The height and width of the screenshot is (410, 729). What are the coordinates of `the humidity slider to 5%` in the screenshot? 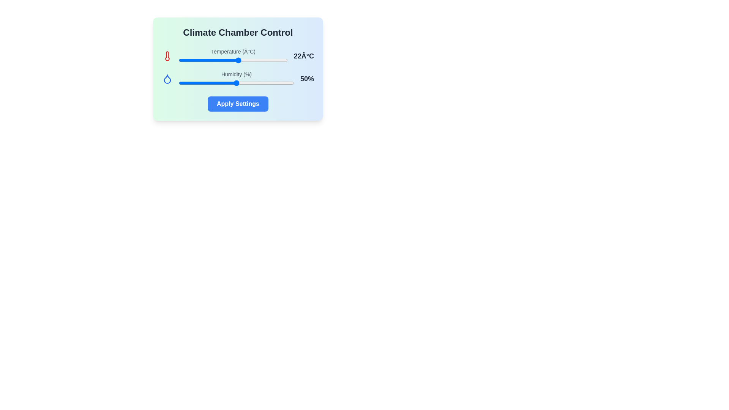 It's located at (185, 83).